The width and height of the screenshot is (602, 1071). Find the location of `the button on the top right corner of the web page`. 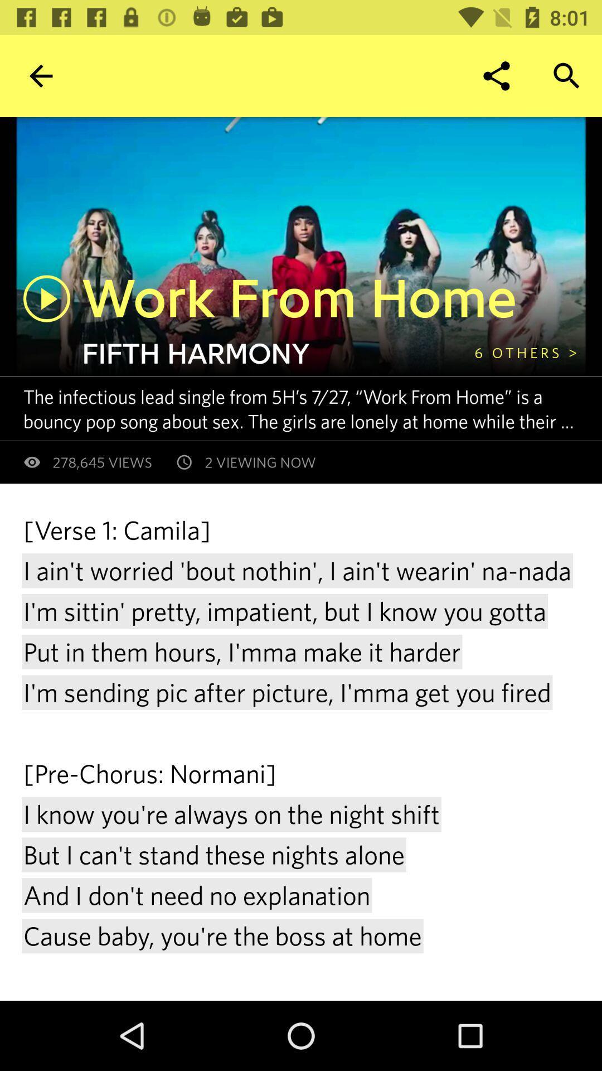

the button on the top right corner of the web page is located at coordinates (567, 76).